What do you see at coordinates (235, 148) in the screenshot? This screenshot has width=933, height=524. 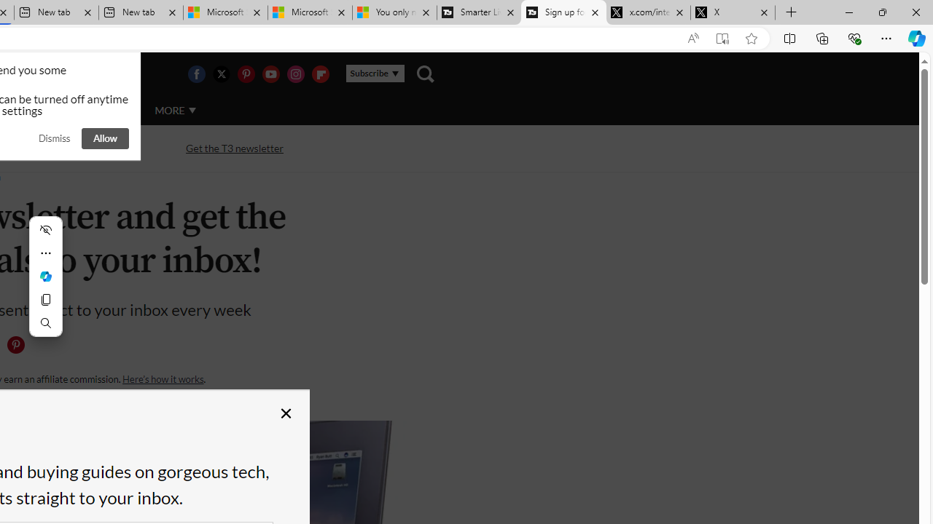 I see `'Get the T3 newsletter'` at bounding box center [235, 148].